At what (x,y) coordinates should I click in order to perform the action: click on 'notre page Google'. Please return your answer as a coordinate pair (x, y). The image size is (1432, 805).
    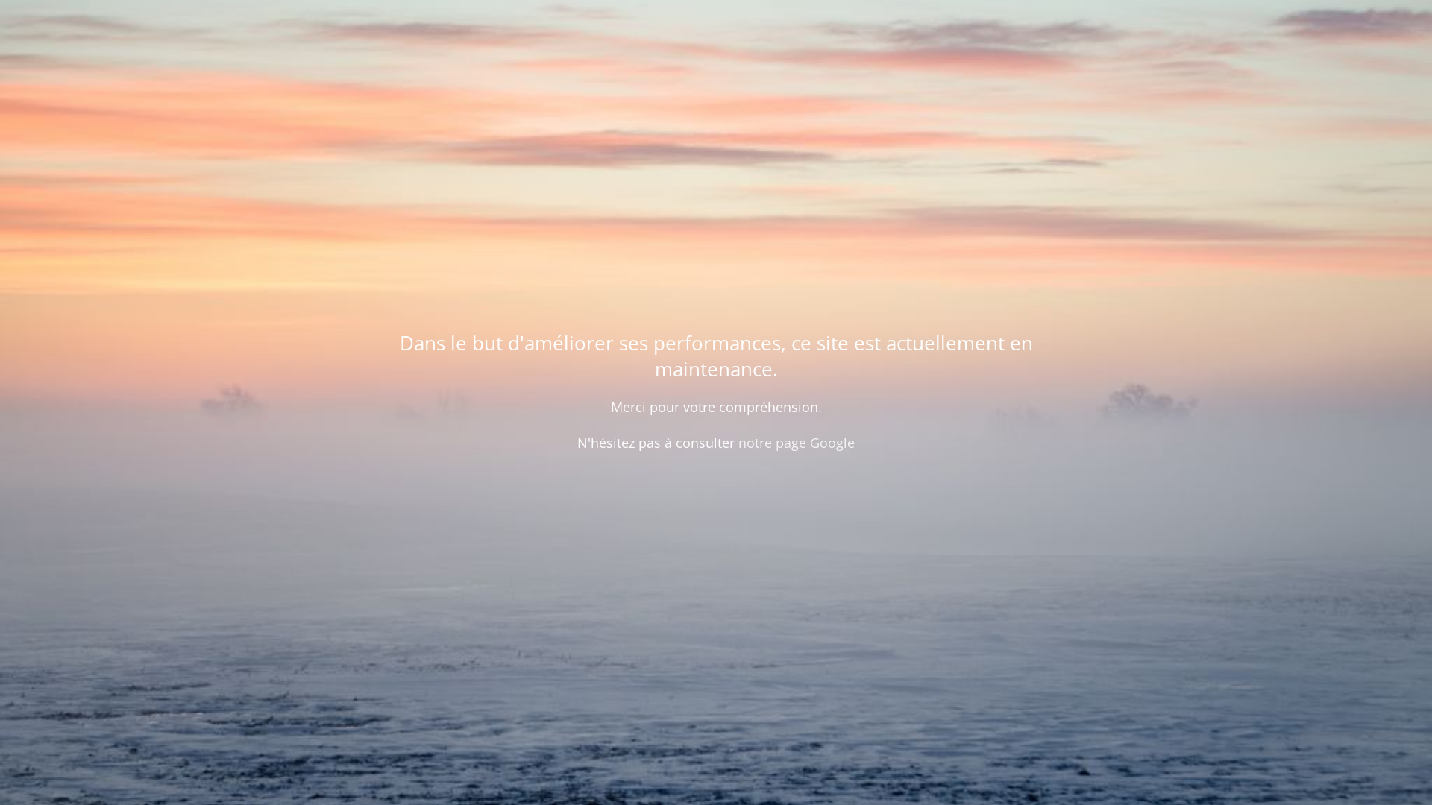
    Looking at the image, I should click on (796, 442).